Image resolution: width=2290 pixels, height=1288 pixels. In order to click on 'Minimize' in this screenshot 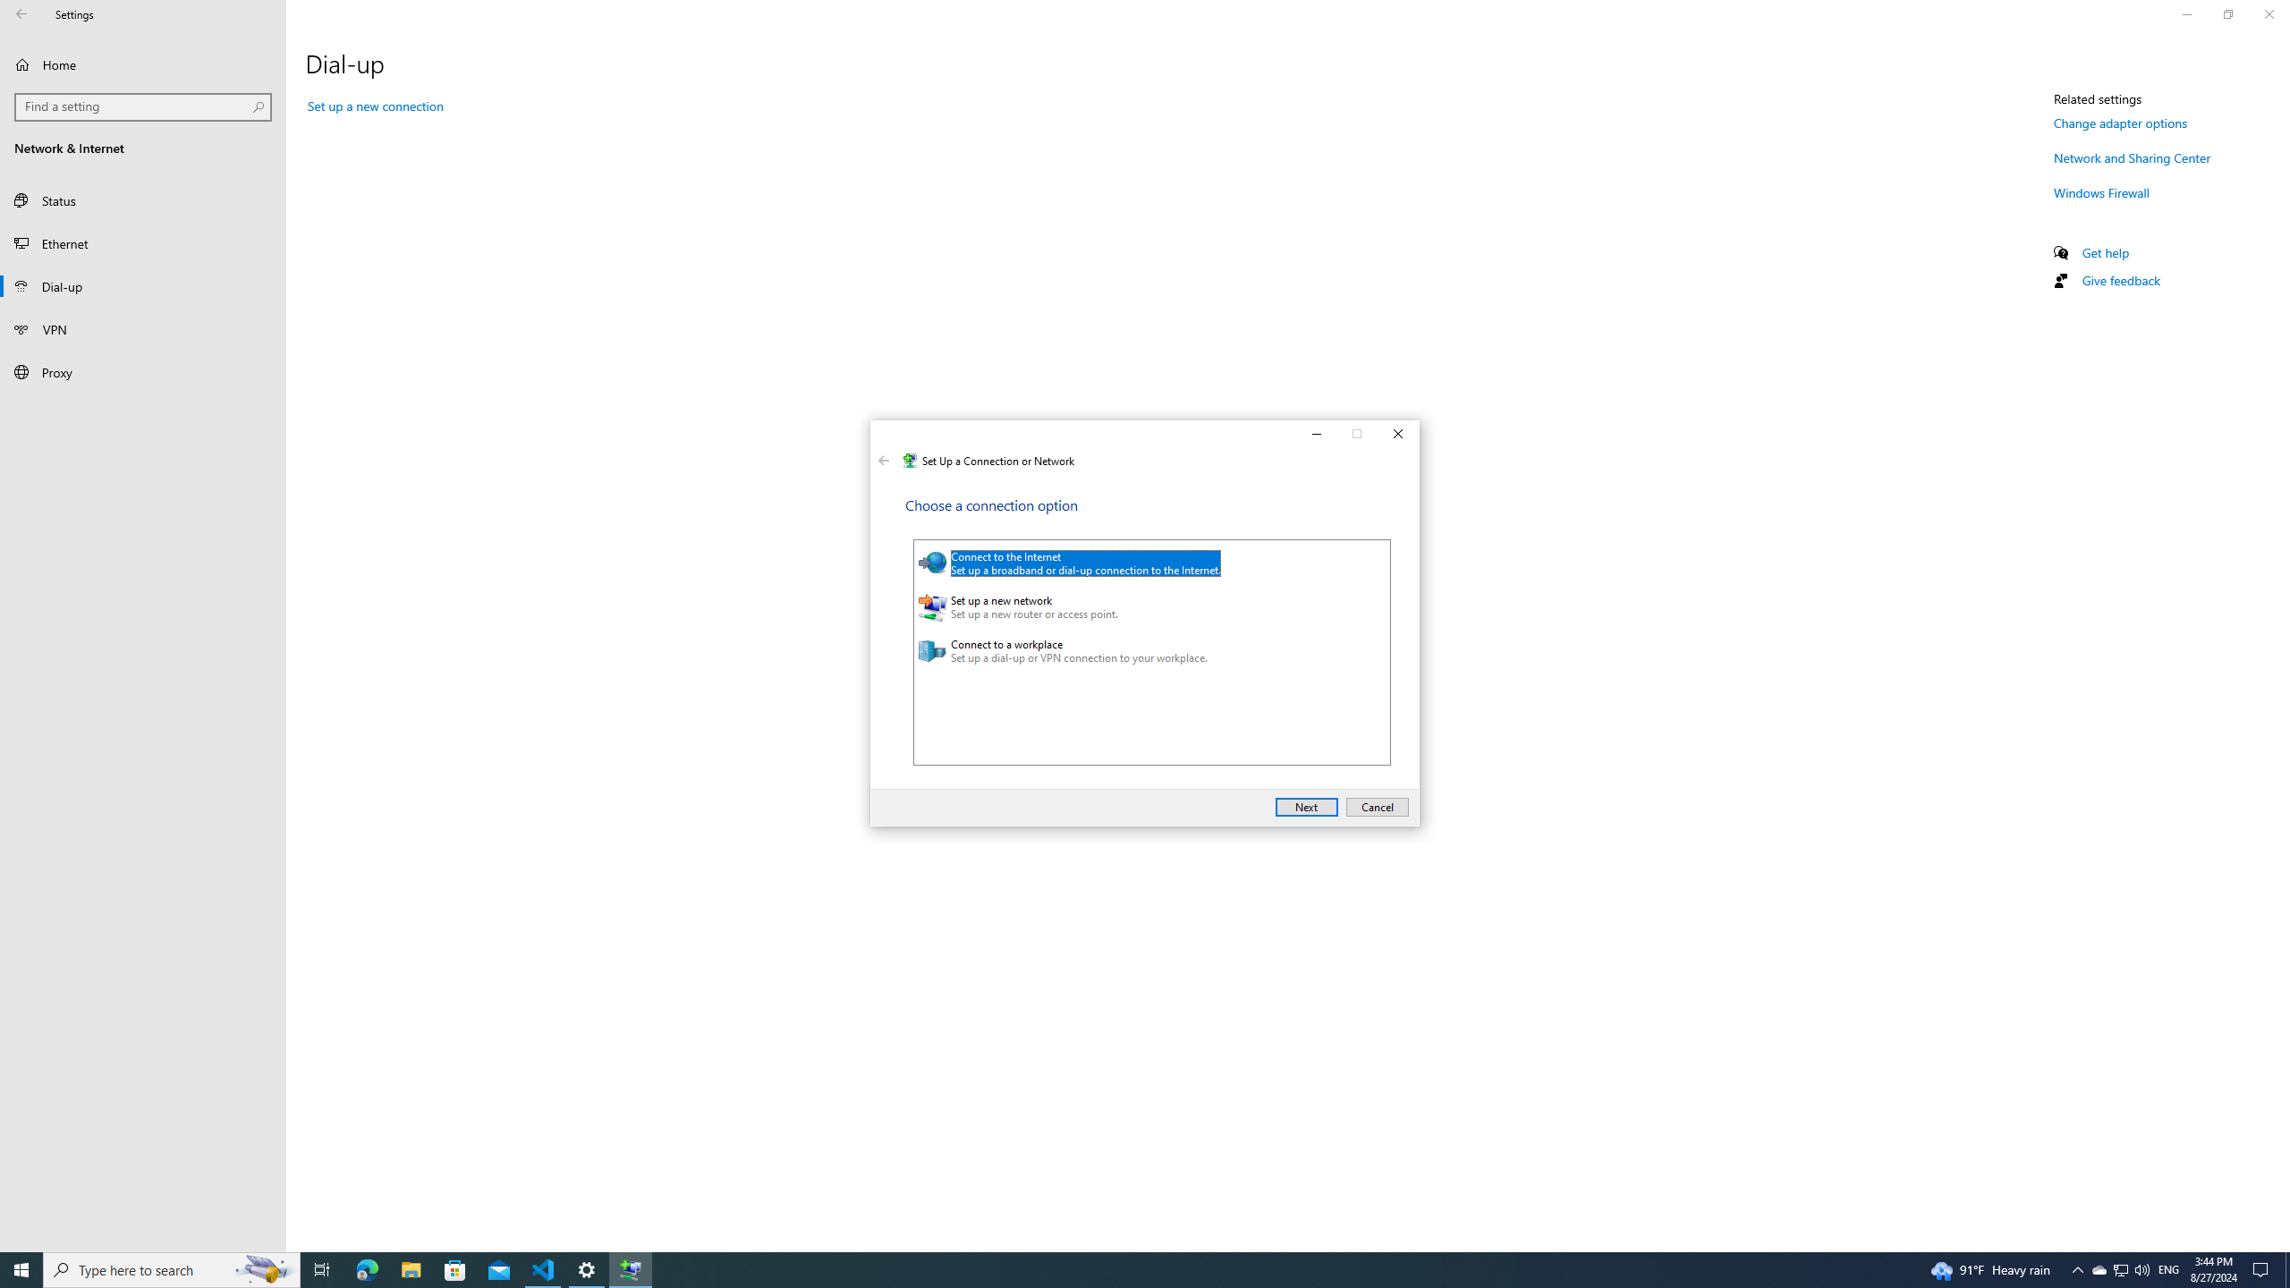, I will do `click(1314, 435)`.